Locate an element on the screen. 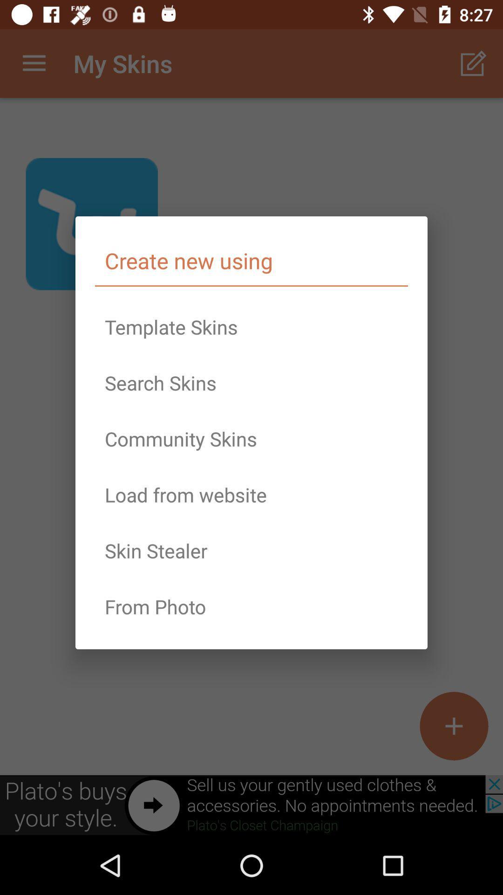 This screenshot has height=895, width=503. the community skins icon is located at coordinates (251, 438).